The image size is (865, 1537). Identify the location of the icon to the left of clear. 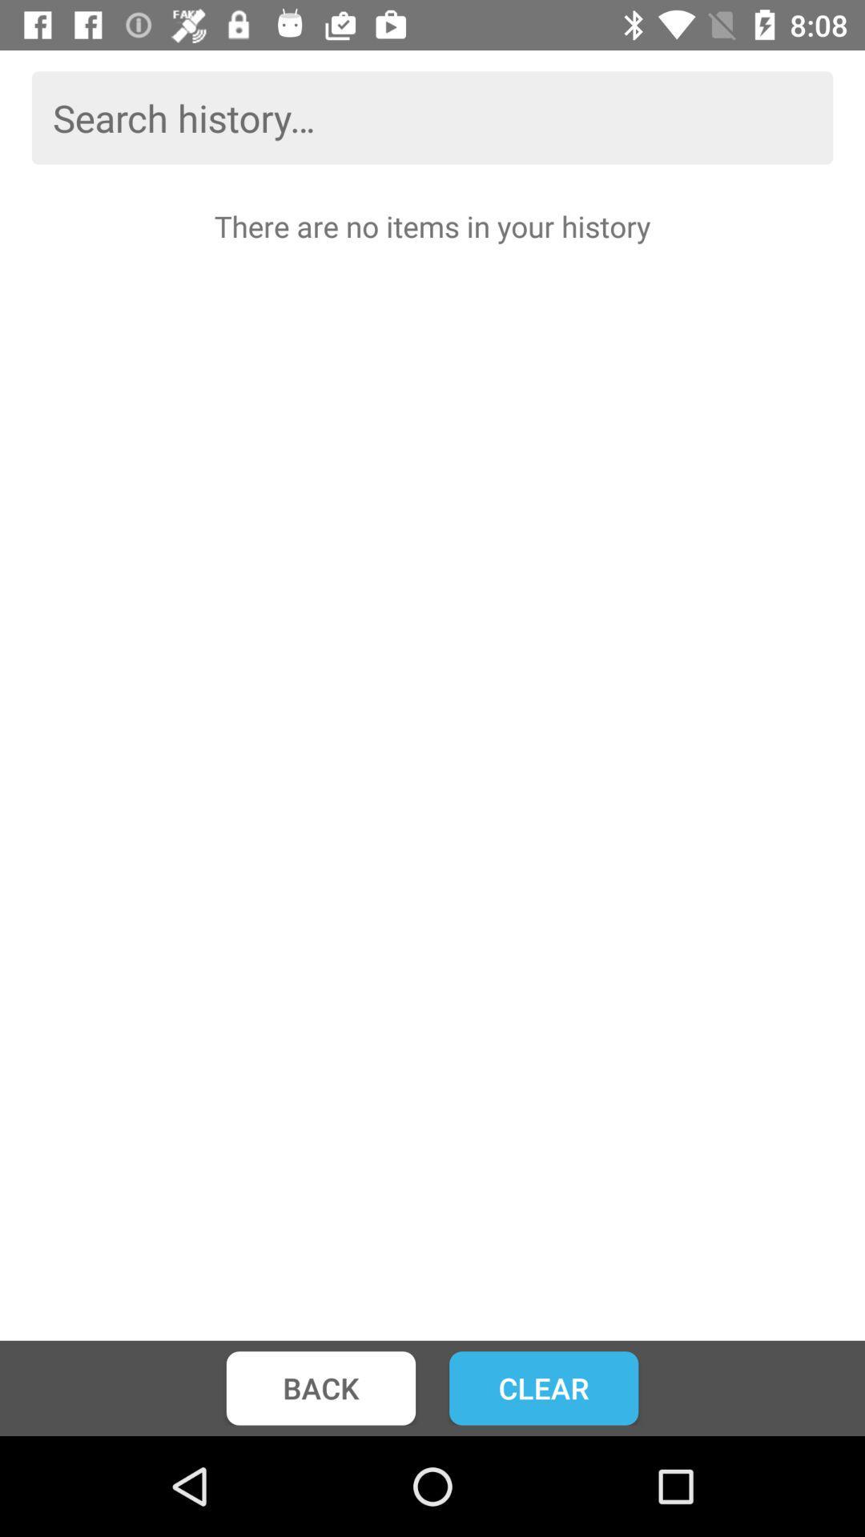
(320, 1387).